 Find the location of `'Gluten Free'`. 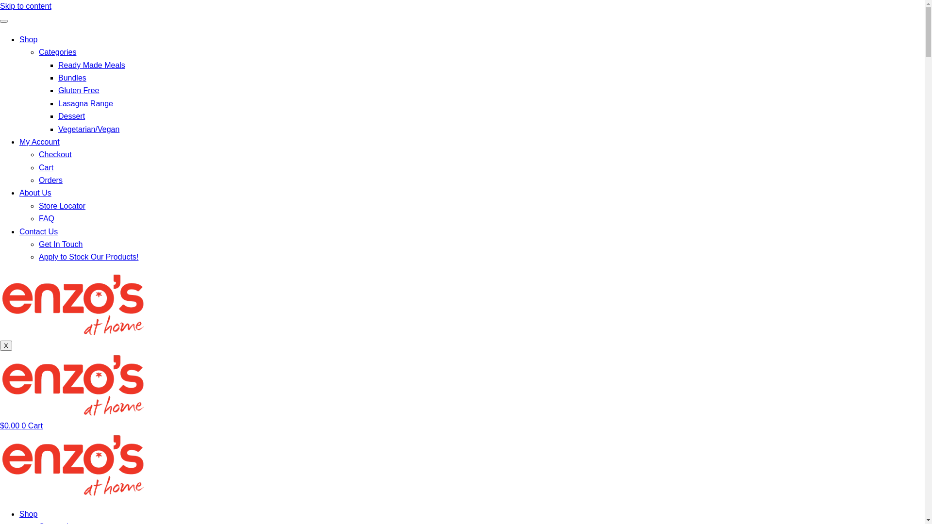

'Gluten Free' is located at coordinates (58, 90).